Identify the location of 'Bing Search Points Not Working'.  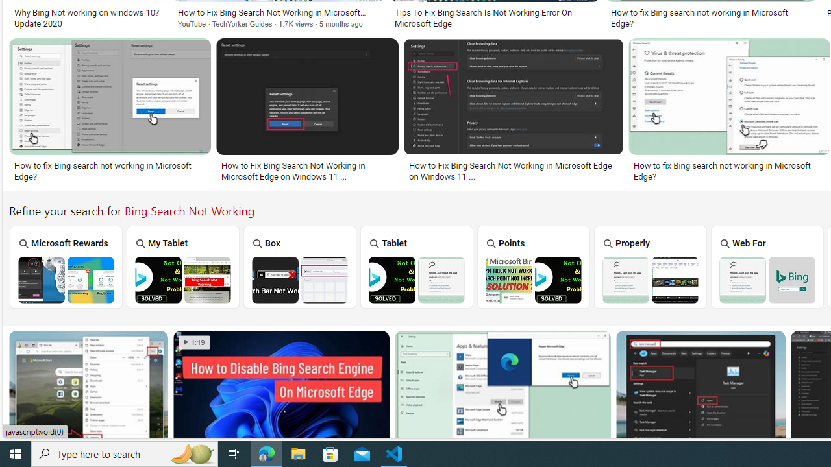
(533, 279).